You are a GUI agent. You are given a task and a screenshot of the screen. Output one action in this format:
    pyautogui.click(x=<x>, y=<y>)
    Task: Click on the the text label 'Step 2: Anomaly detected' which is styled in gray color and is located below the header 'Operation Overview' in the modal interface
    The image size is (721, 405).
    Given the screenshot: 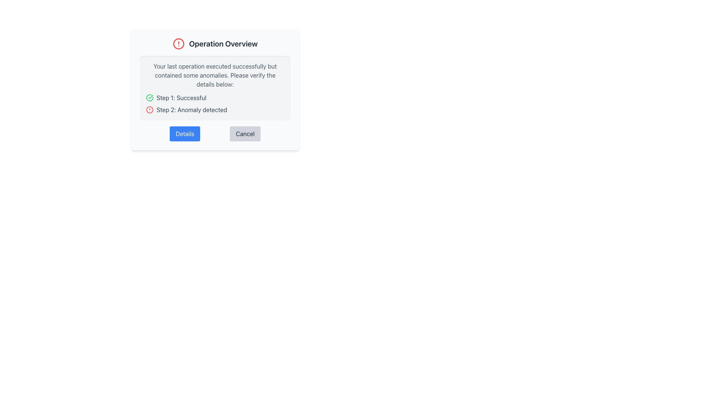 What is the action you would take?
    pyautogui.click(x=192, y=110)
    